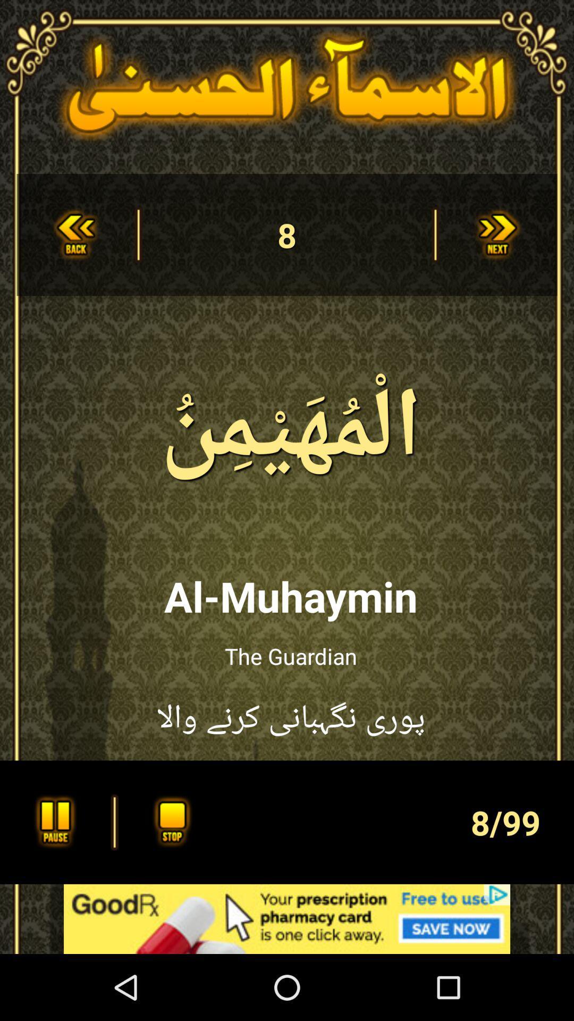 The width and height of the screenshot is (574, 1021). What do you see at coordinates (75, 234) in the screenshot?
I see `previous` at bounding box center [75, 234].